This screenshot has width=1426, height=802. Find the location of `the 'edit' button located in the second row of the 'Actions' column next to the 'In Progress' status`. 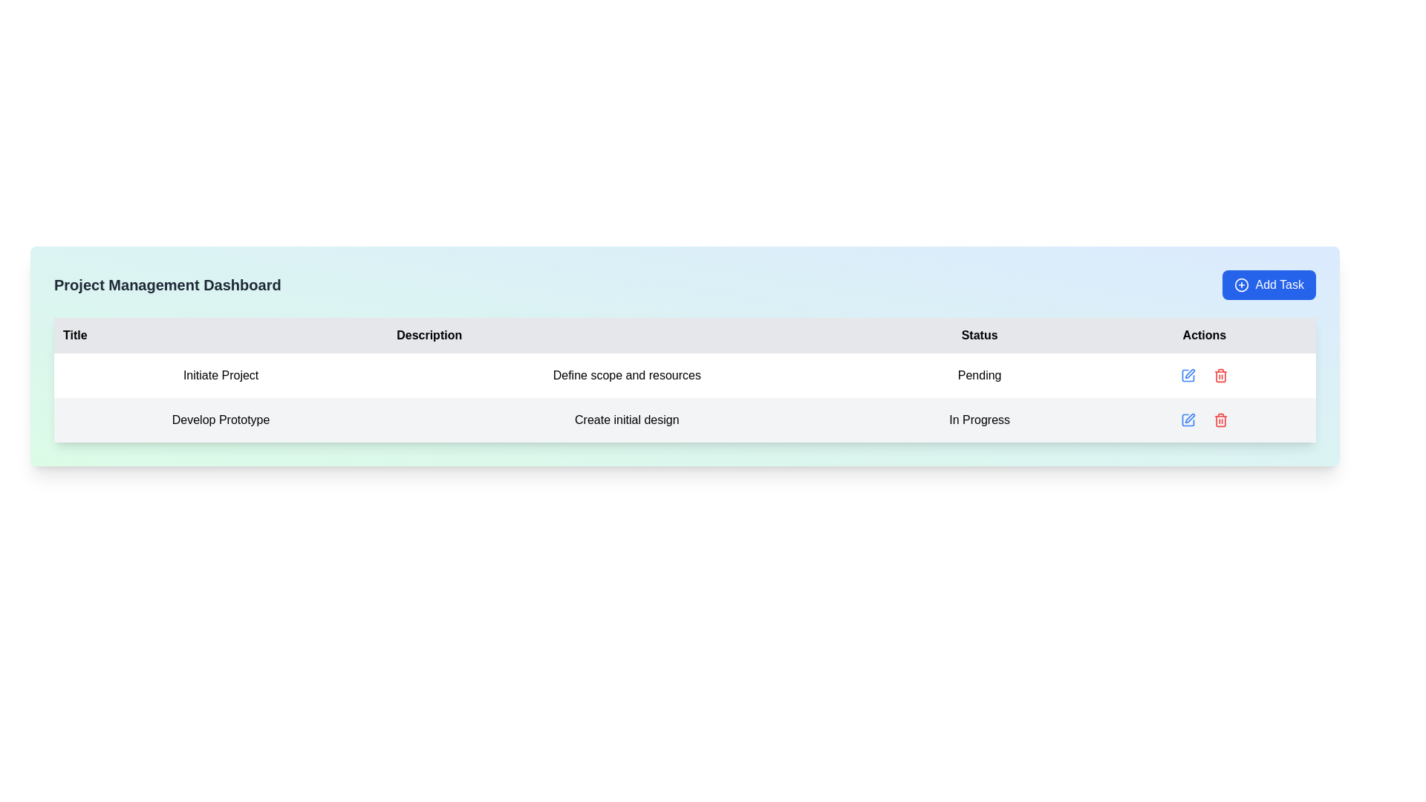

the 'edit' button located in the second row of the 'Actions' column next to the 'In Progress' status is located at coordinates (1187, 420).